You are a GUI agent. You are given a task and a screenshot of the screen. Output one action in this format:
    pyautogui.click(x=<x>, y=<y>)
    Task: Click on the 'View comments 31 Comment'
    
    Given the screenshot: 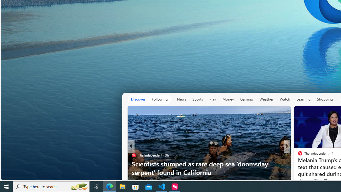 What is the action you would take?
    pyautogui.click(x=323, y=181)
    